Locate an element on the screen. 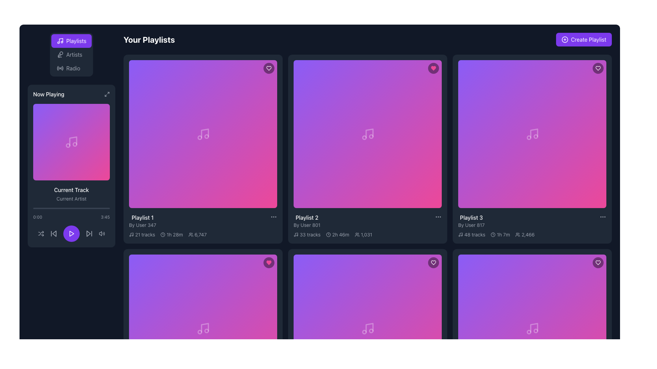 The height and width of the screenshot is (369, 657). the triangular 'play' icon located at the center of the thumbnail image for 'Playlist 1' is located at coordinates (203, 134).